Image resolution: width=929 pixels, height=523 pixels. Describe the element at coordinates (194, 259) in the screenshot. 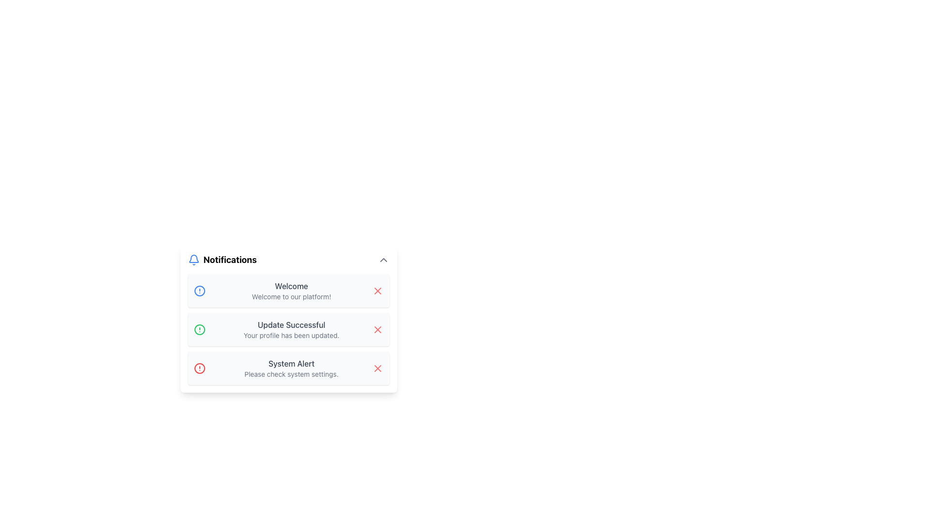

I see `the blue outlined bell-shaped icon located to the left of the 'Notifications' label in the notifications panel header` at that location.